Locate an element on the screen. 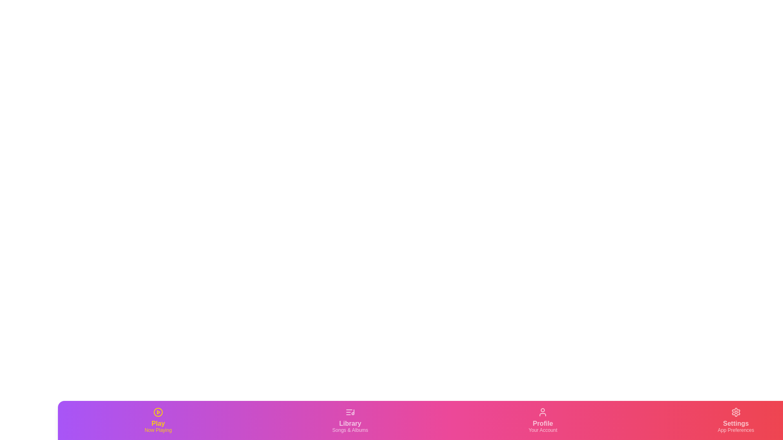  the Profile tab is located at coordinates (542, 420).